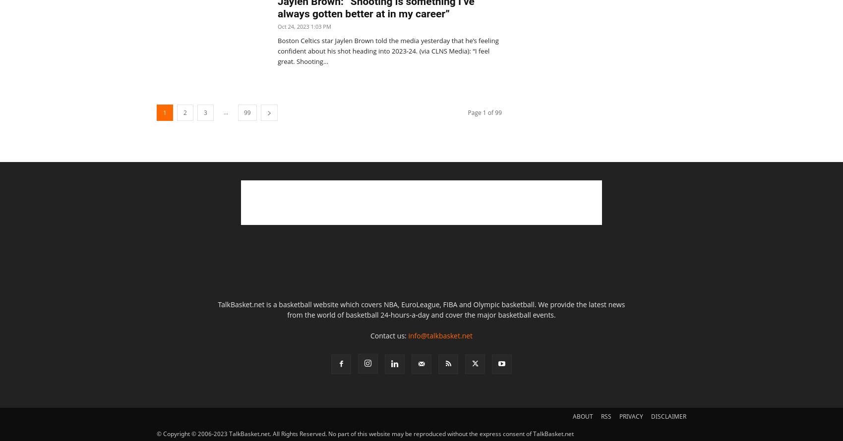 The width and height of the screenshot is (843, 441). Describe the element at coordinates (421, 309) in the screenshot. I see `'TalkBasket.net is a basketball website which covers NBA, EuroLeague, FIBA and Olympic basketball. We provide the latest news from the world of basketball 24-hours-a-day and cover the major basketball events.'` at that location.